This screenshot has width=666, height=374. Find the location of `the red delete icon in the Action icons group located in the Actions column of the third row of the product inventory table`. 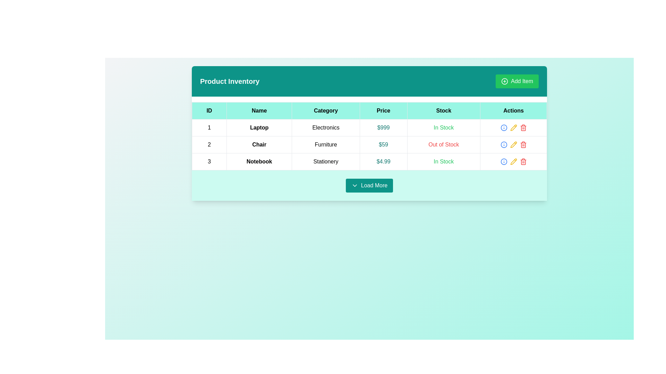

the red delete icon in the Action icons group located in the Actions column of the third row of the product inventory table is located at coordinates (513, 161).